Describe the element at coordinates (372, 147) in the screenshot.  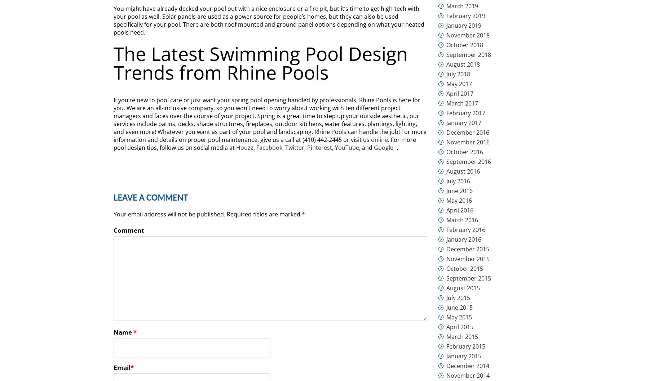
I see `'Google+'` at that location.